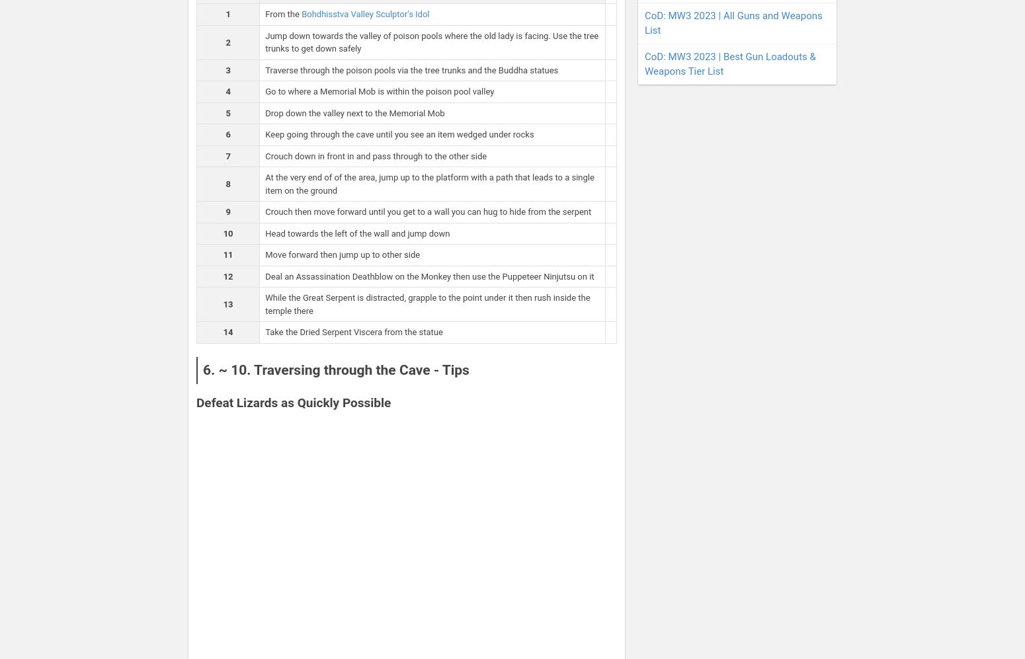  I want to click on 'While the Great Serpent is distracted, grapple to the point under it then rush inside the temple there', so click(427, 304).